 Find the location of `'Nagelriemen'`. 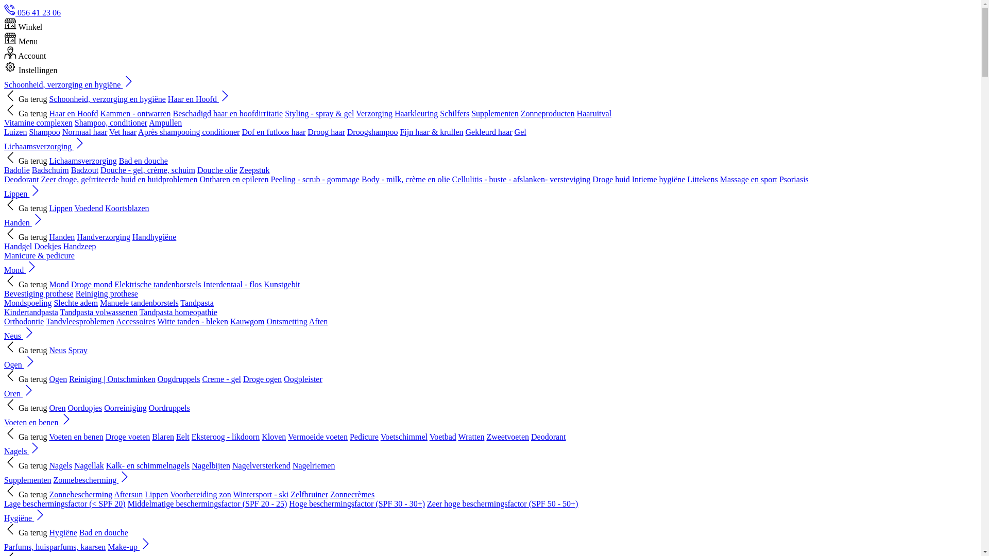

'Nagelriemen' is located at coordinates (313, 465).